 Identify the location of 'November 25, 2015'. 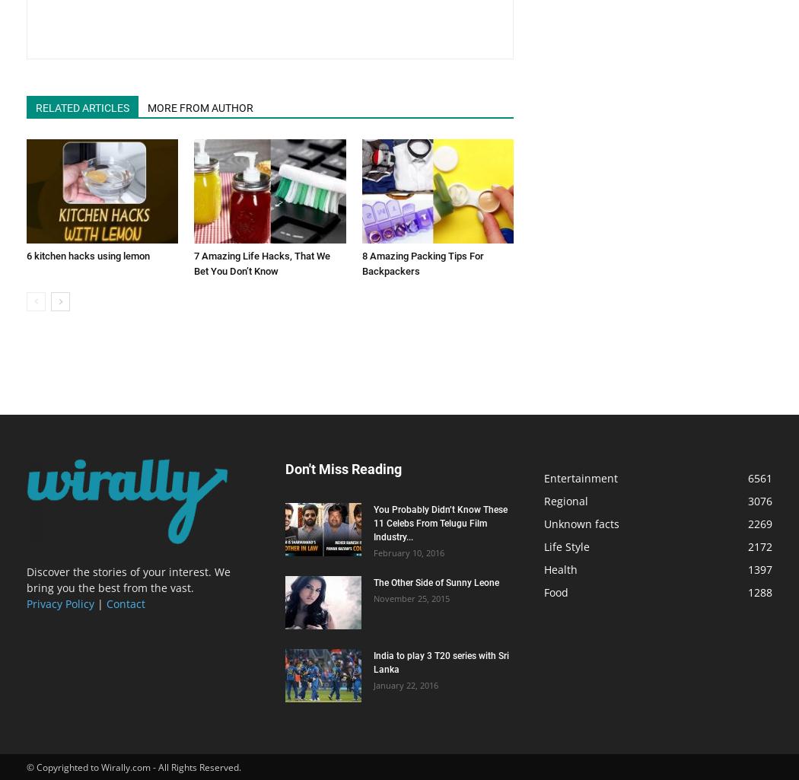
(372, 598).